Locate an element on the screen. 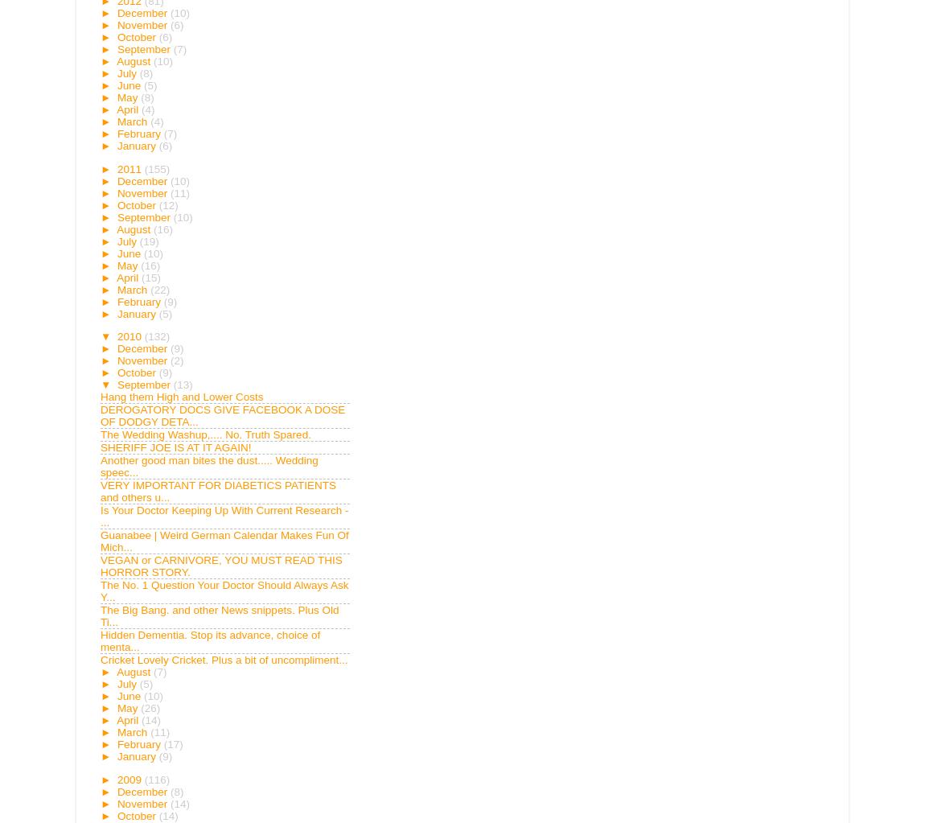 The image size is (925, 823). 'Guanabee | Weird German Calendar Makes Fun Of Mich...' is located at coordinates (100, 541).